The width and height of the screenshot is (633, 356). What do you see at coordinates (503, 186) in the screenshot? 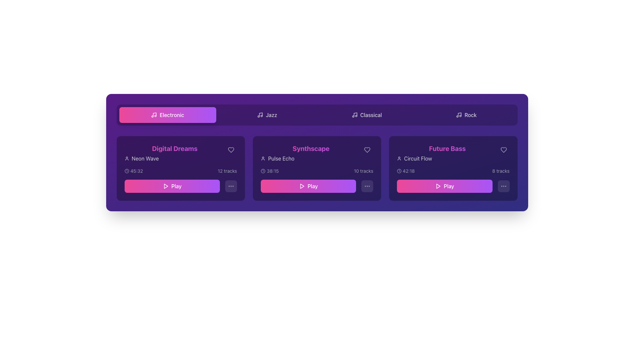
I see `the small button with three horizontally aligned dots (ellipsis icon) located at the bottom-right corner of the card under the 'Future Bass' section` at bounding box center [503, 186].